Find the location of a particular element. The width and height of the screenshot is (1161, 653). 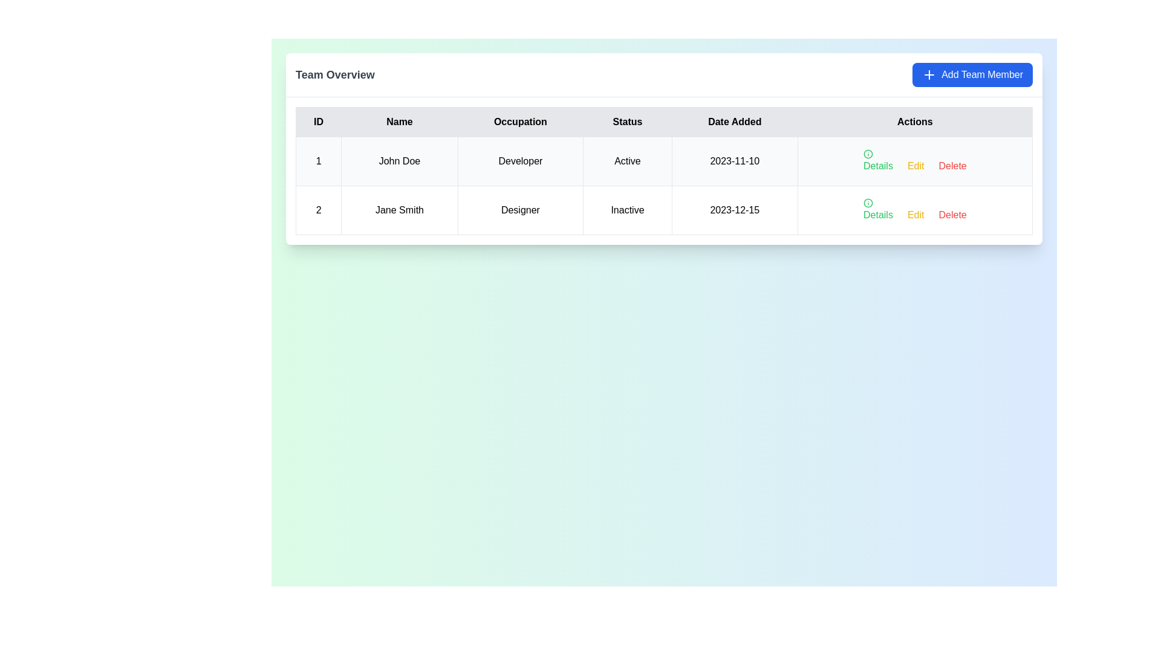

the 'Active' label located in the fourth column of the first row of the table, under the 'Status' header is located at coordinates (627, 160).